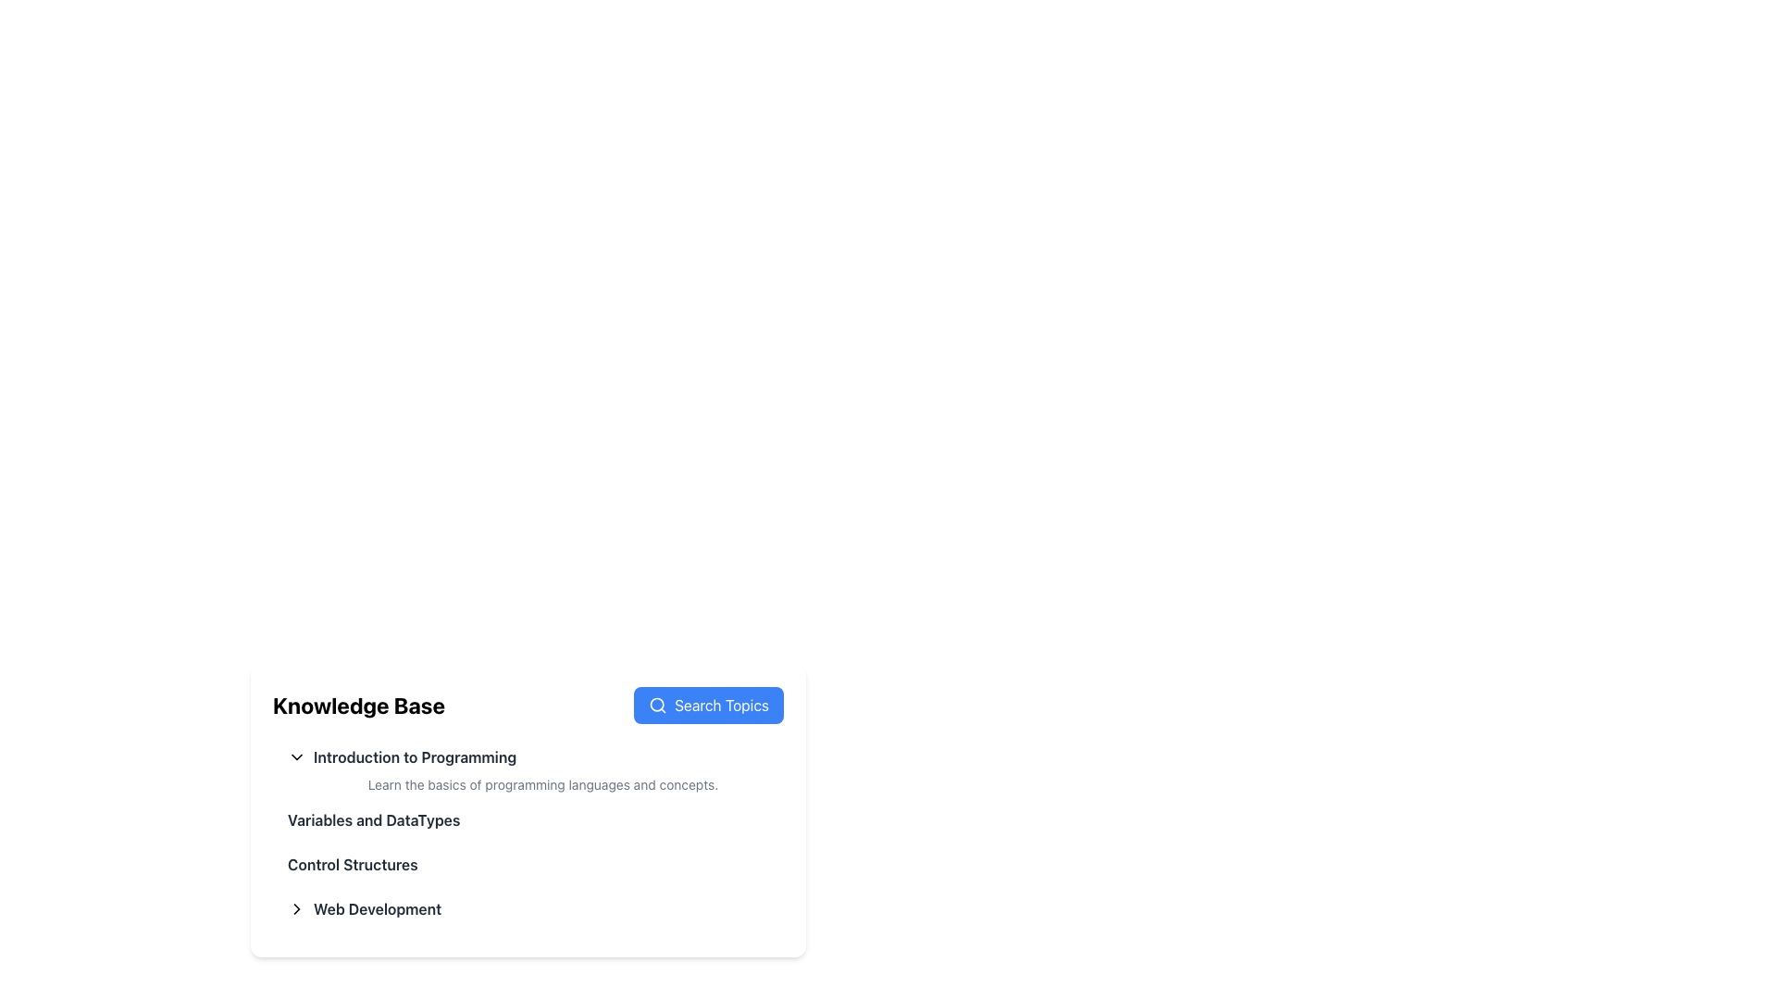  Describe the element at coordinates (528, 785) in the screenshot. I see `the static text label reading 'Learn the basics of programming languages and concepts.' located below the main title 'Introduction to Programming.'` at that location.